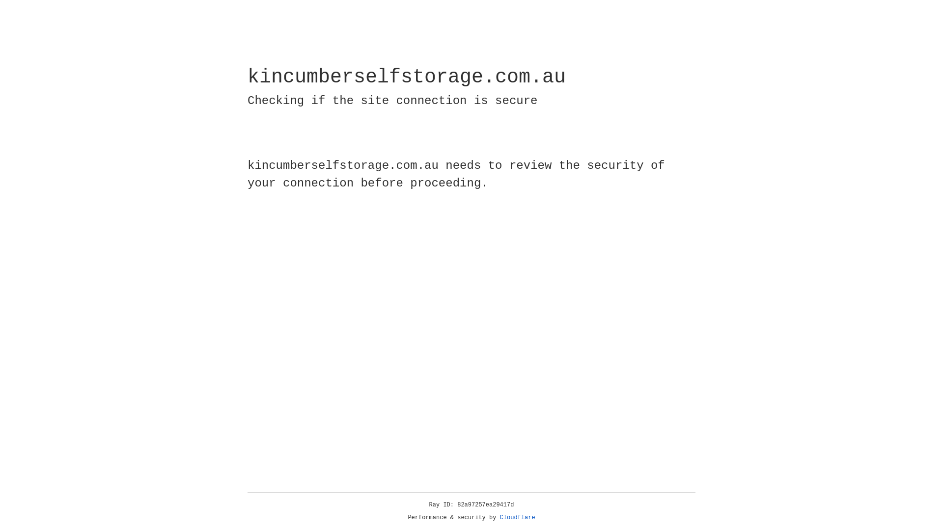  I want to click on 'Cloudflare', so click(517, 517).